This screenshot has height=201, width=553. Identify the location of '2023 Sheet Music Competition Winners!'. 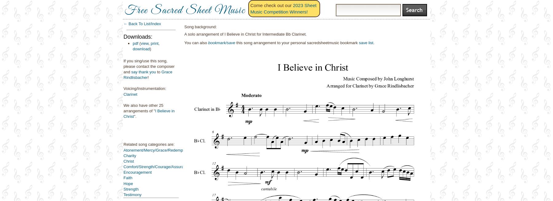
(283, 8).